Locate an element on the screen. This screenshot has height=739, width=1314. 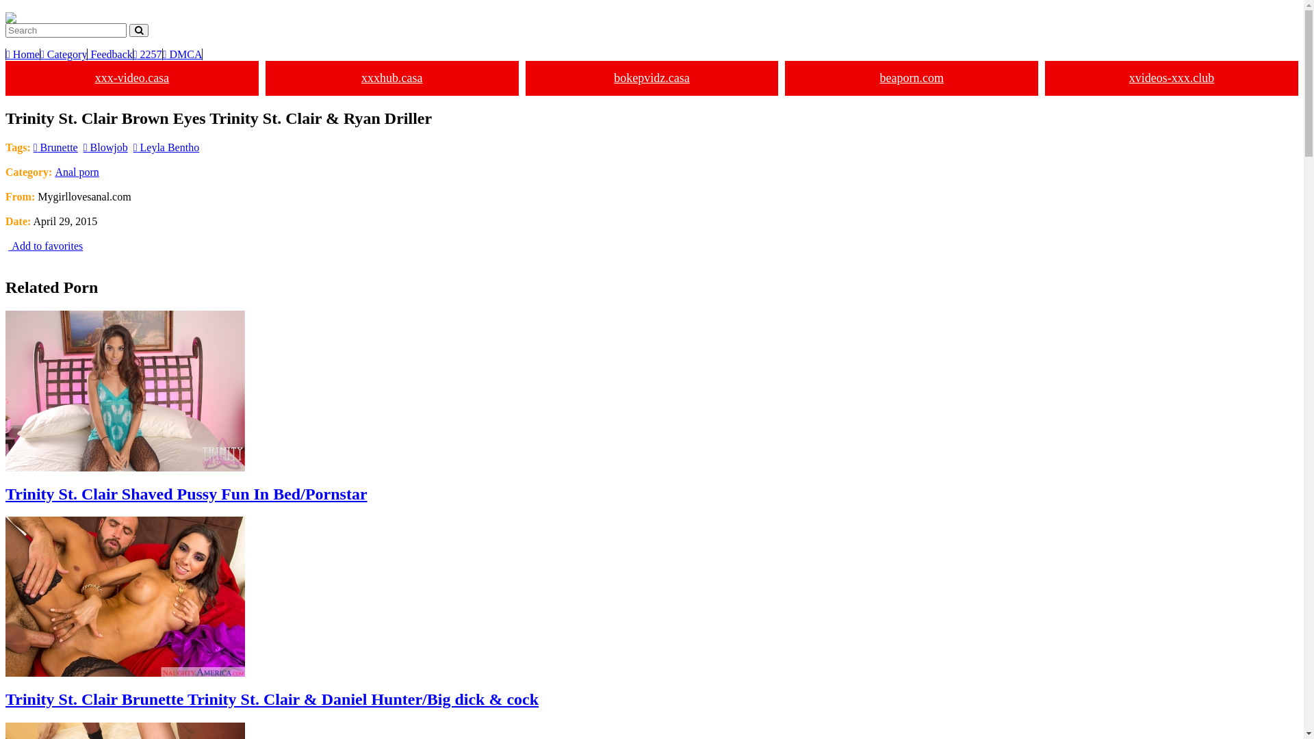
'Blowjob' is located at coordinates (105, 147).